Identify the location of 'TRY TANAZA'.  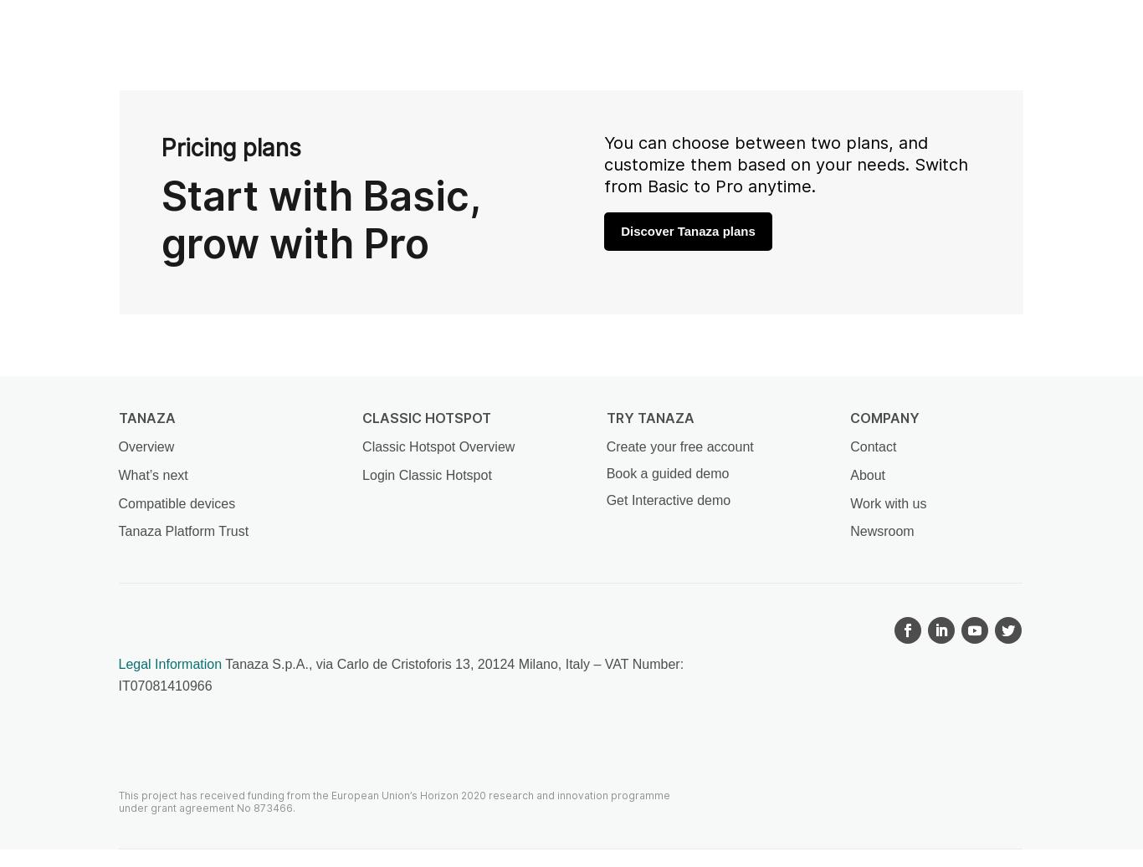
(649, 416).